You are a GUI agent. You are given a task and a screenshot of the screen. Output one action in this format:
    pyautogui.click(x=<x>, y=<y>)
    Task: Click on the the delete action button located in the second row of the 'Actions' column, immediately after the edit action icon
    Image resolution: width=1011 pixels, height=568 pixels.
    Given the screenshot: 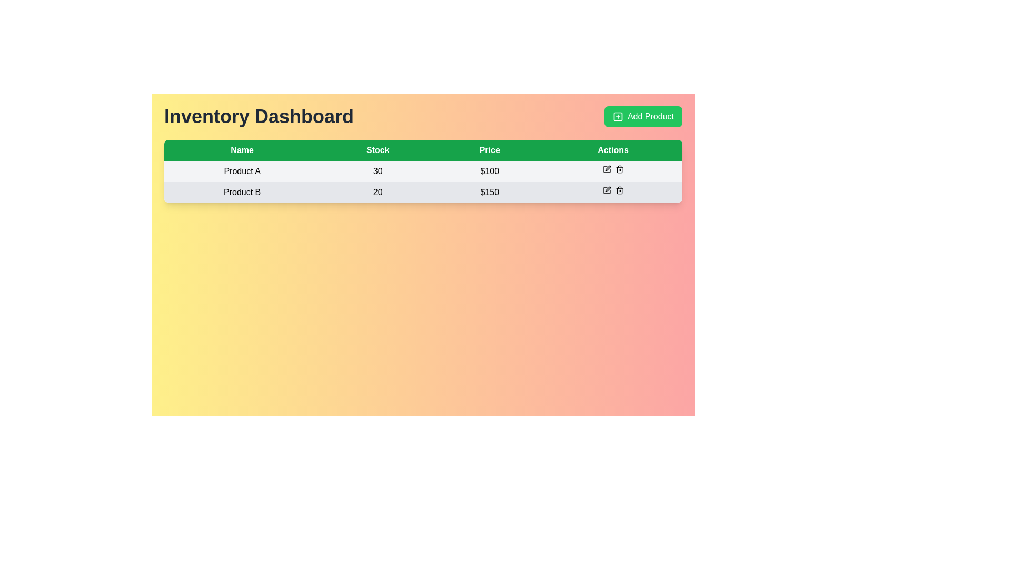 What is the action you would take?
    pyautogui.click(x=619, y=190)
    